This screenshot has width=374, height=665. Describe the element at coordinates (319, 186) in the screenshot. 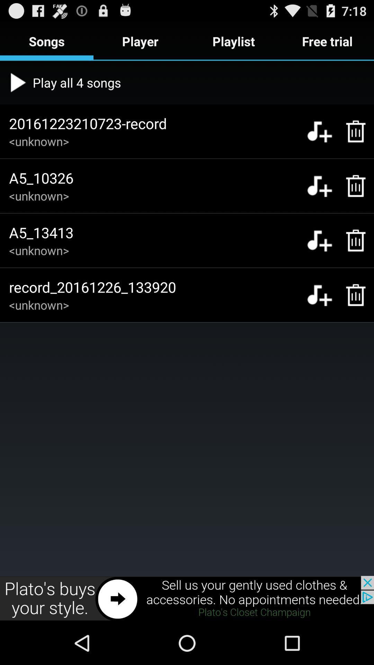

I see `to playlist` at that location.